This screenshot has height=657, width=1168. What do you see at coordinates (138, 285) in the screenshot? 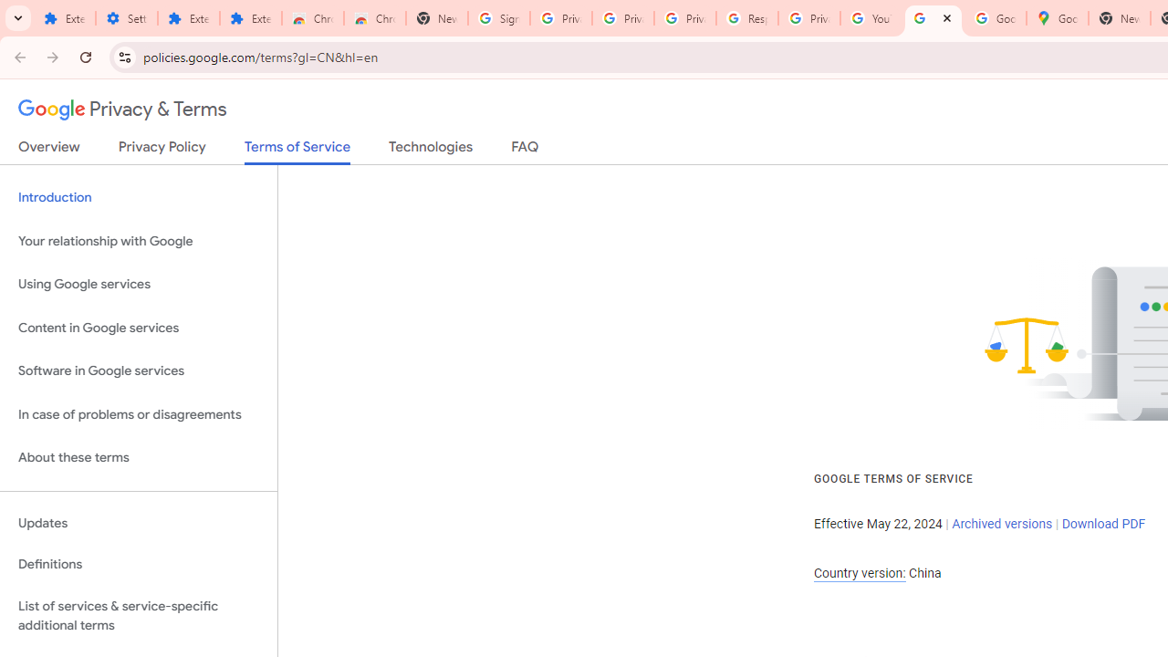
I see `'Using Google services'` at bounding box center [138, 285].